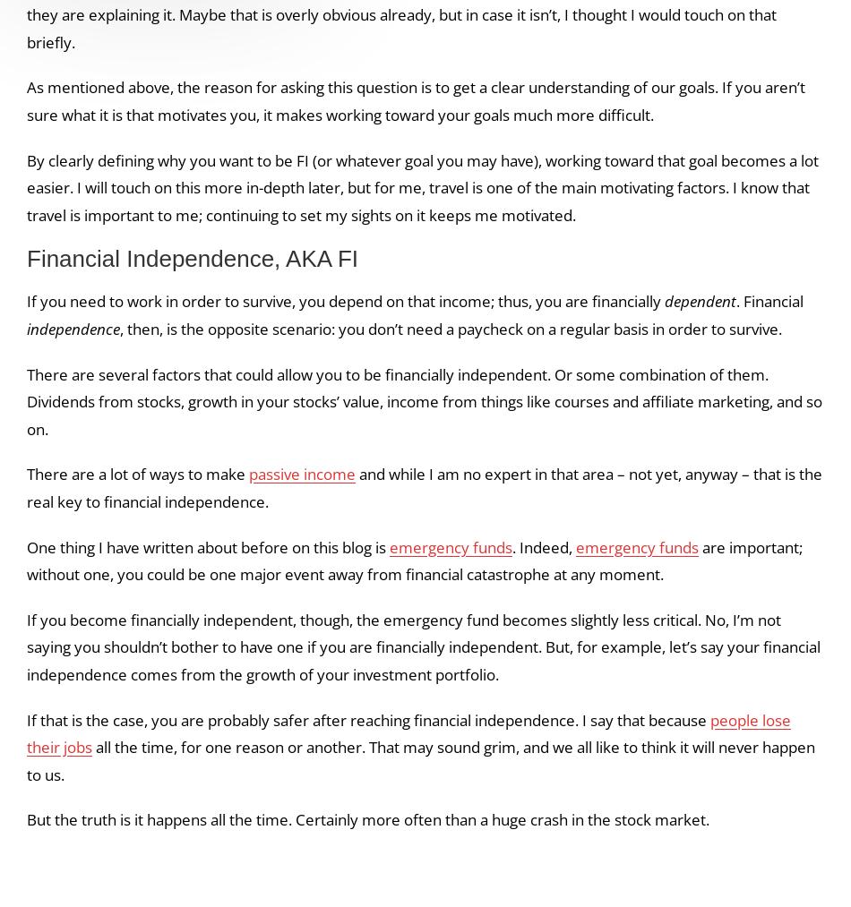 The height and width of the screenshot is (907, 851). What do you see at coordinates (137, 474) in the screenshot?
I see `'There are a lot of ways to make'` at bounding box center [137, 474].